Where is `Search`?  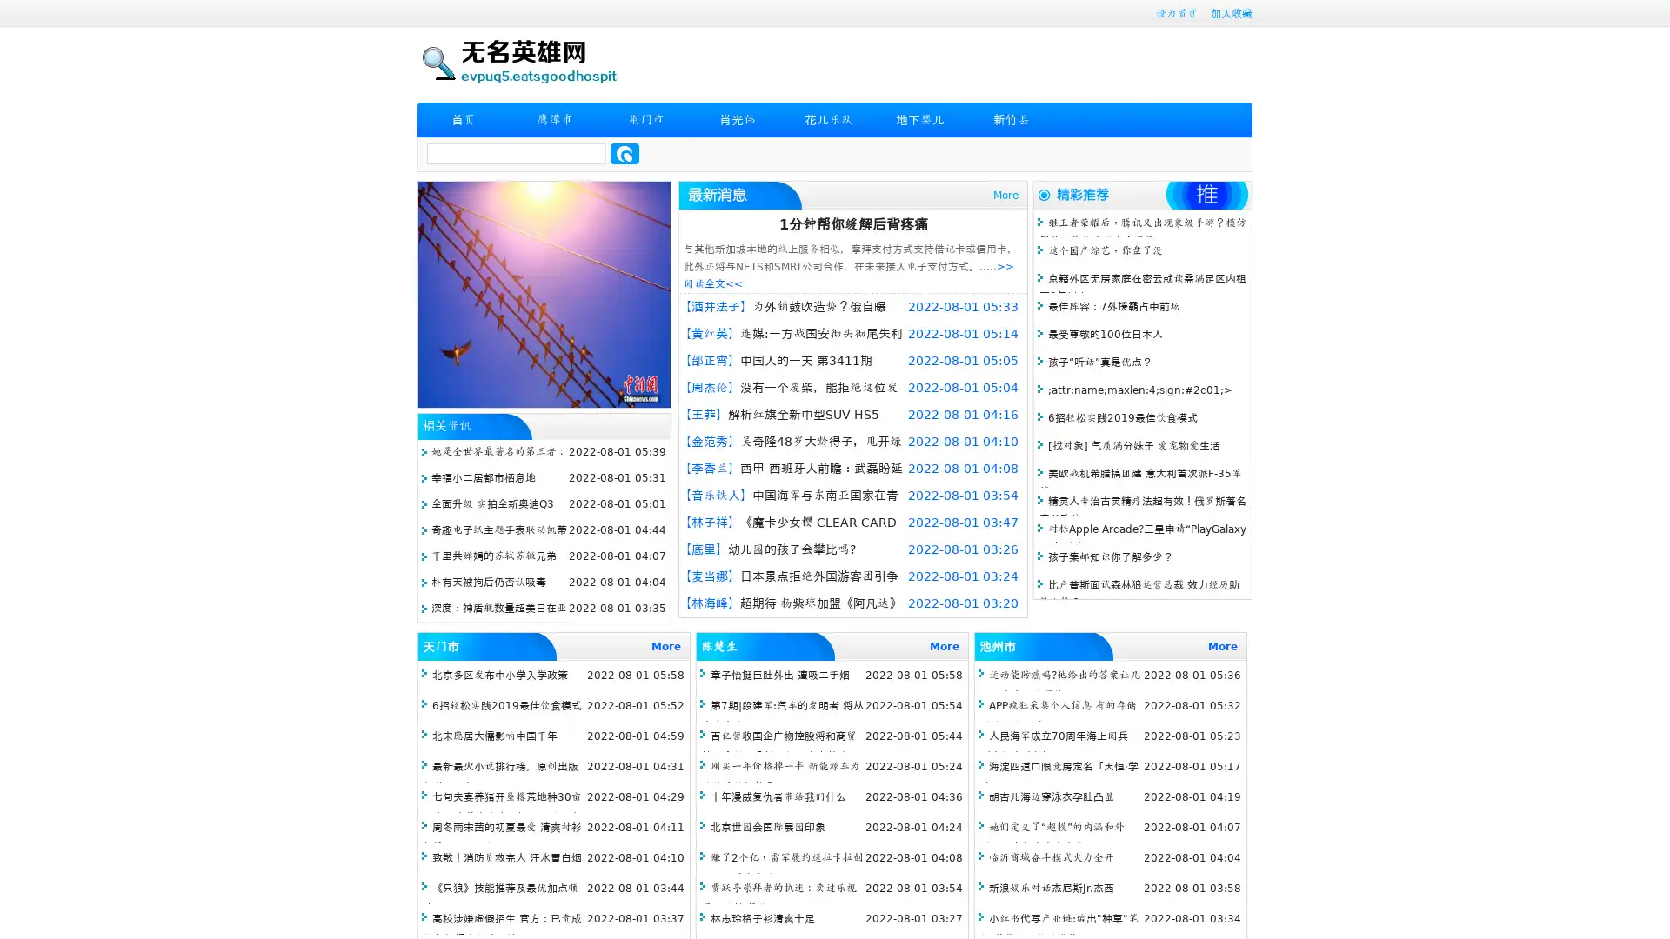 Search is located at coordinates (625, 153).